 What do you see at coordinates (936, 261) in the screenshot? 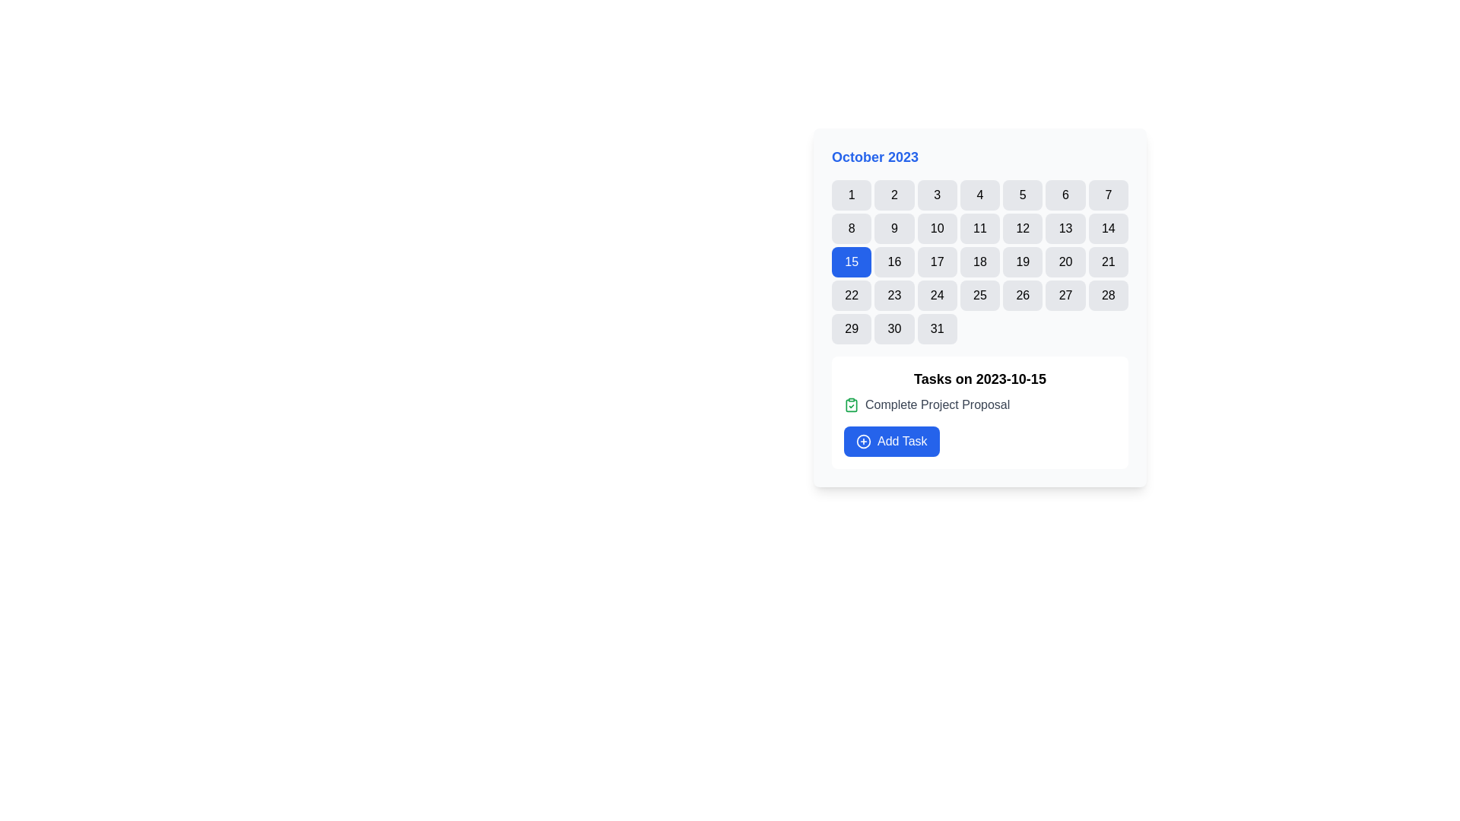
I see `the button displaying the number '17' in a calendar grid by clicking it` at bounding box center [936, 261].